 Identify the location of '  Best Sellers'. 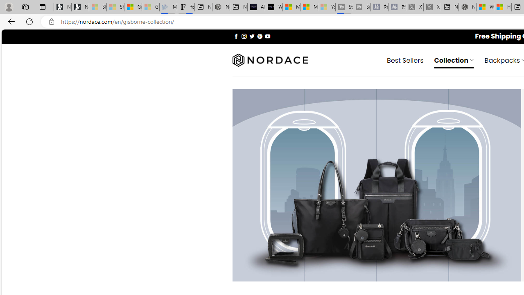
(405, 59).